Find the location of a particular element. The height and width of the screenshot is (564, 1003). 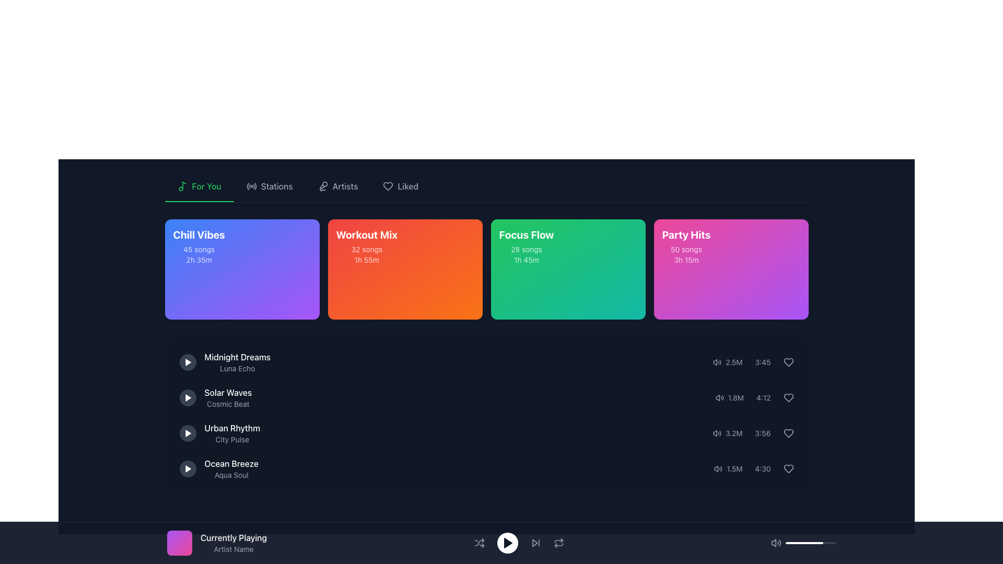

the slider is located at coordinates (818, 543).